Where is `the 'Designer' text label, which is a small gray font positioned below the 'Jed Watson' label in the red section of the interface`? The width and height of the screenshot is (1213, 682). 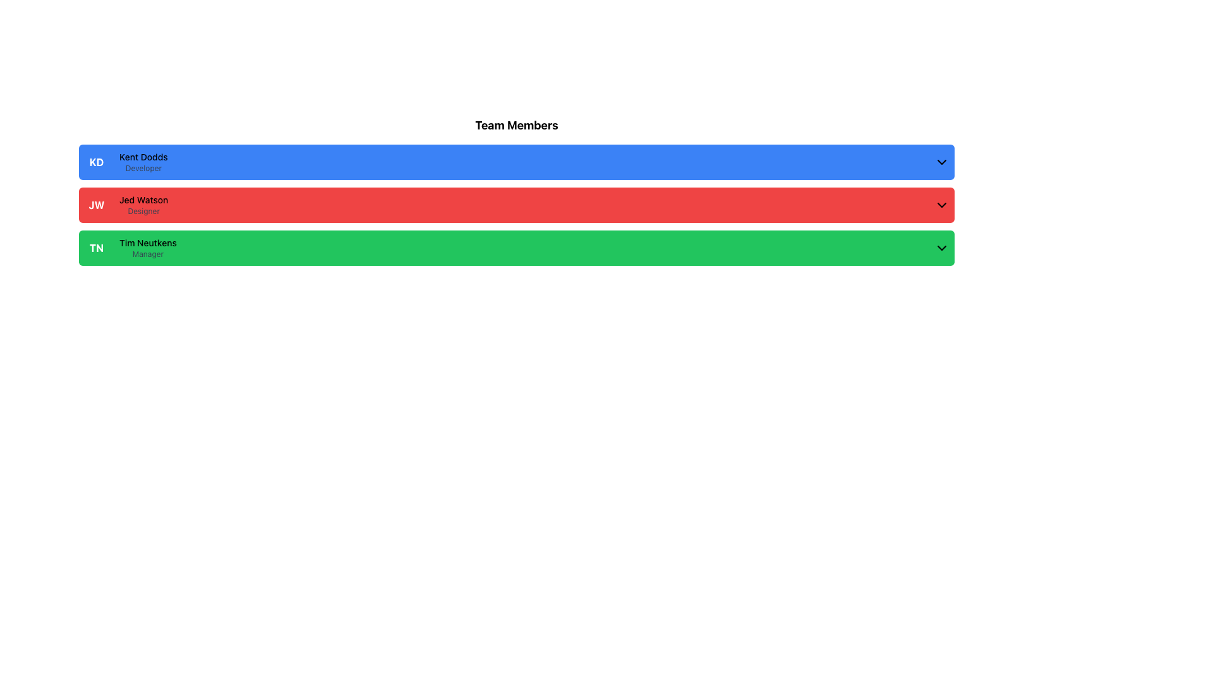 the 'Designer' text label, which is a small gray font positioned below the 'Jed Watson' label in the red section of the interface is located at coordinates (143, 211).